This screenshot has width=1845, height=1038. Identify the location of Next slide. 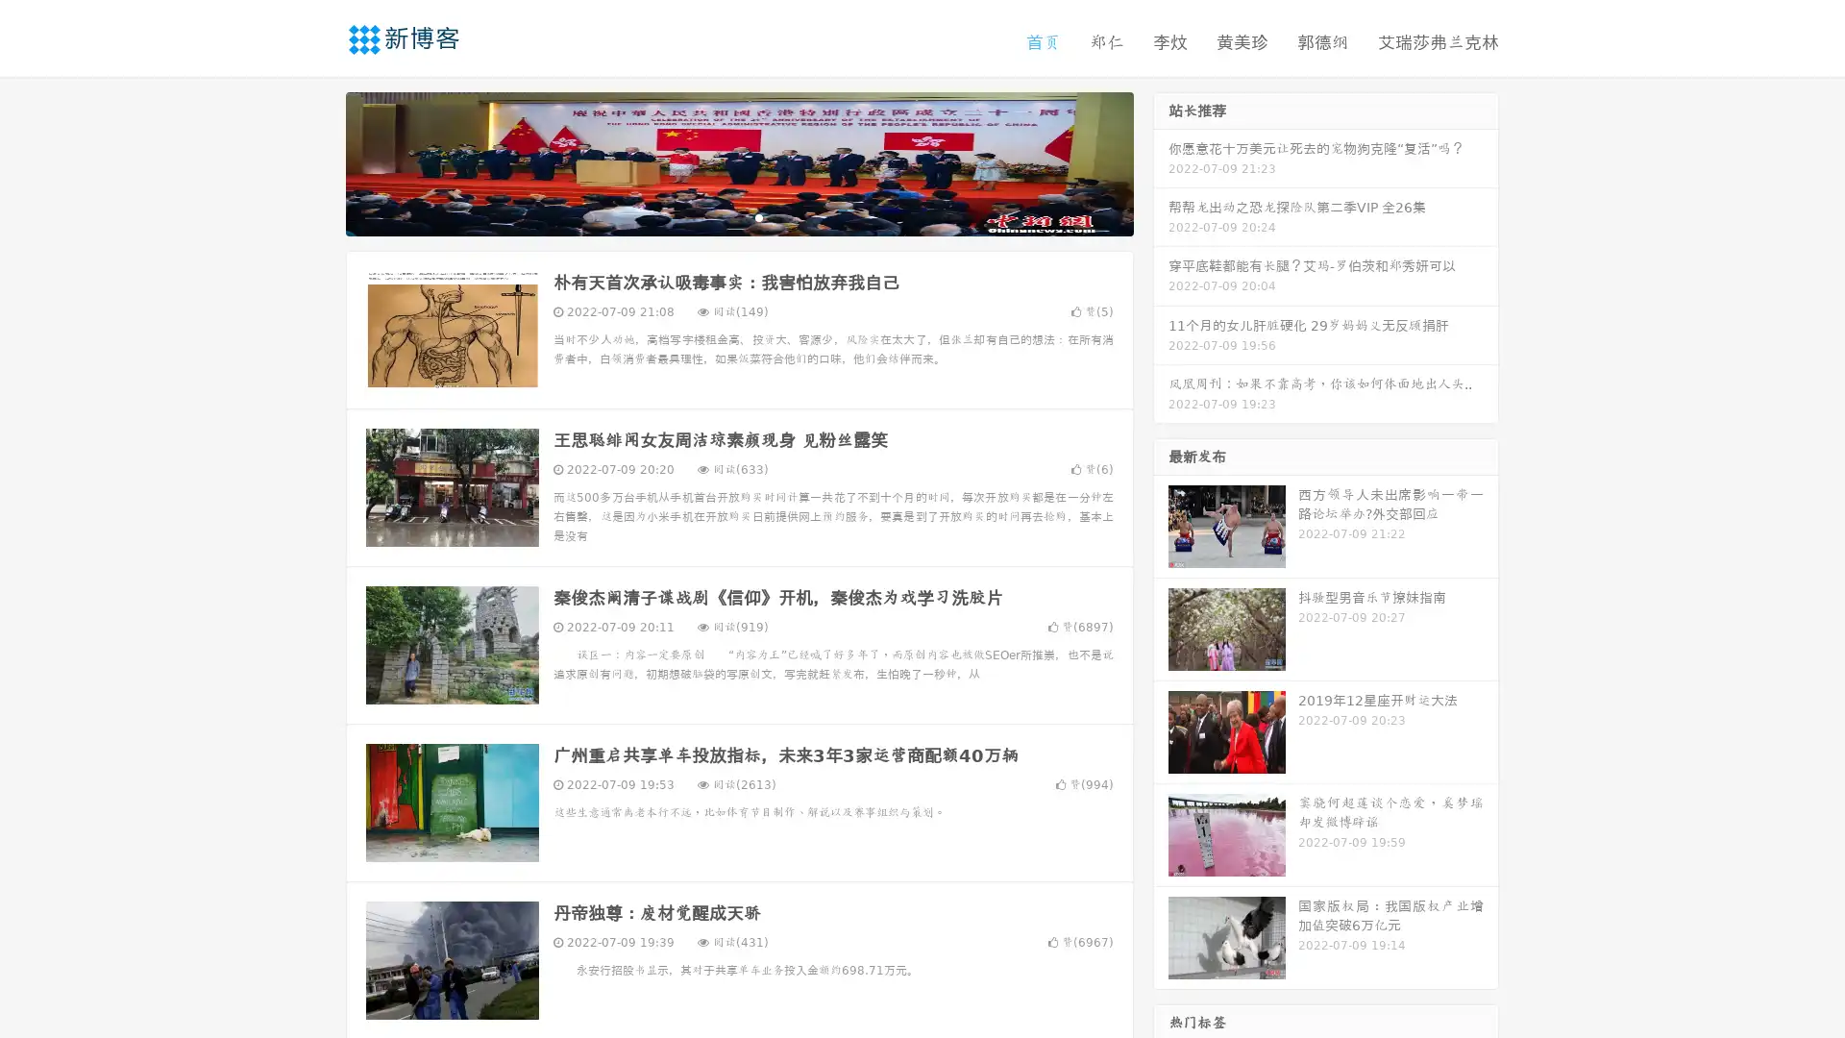
(1161, 161).